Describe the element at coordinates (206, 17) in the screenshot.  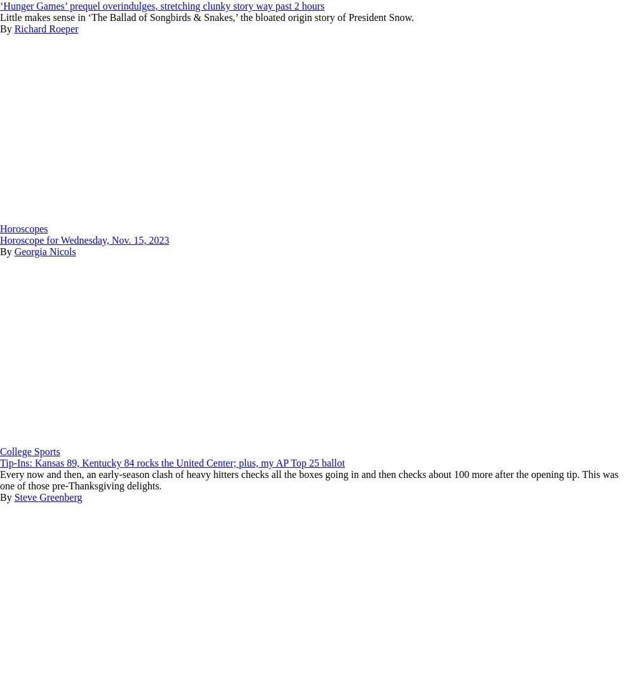
I see `'Little makes sense in ‘The Ballad of Songbirds & Snakes,’ the bloated origin story of President Snow.'` at that location.